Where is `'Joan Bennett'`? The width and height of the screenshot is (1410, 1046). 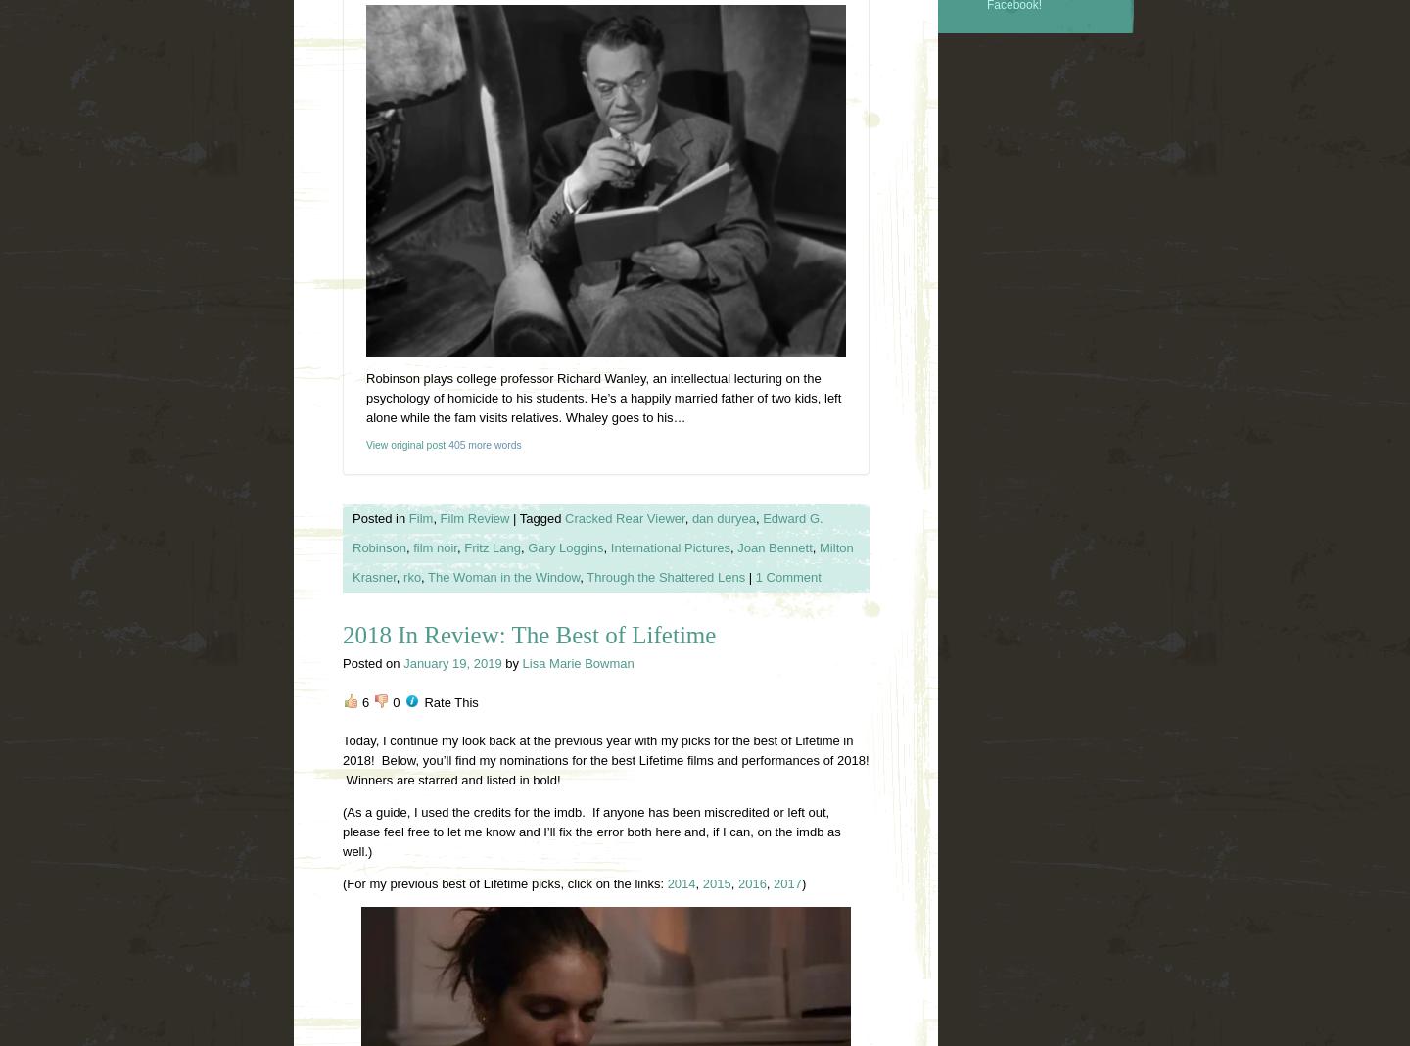 'Joan Bennett' is located at coordinates (774, 546).